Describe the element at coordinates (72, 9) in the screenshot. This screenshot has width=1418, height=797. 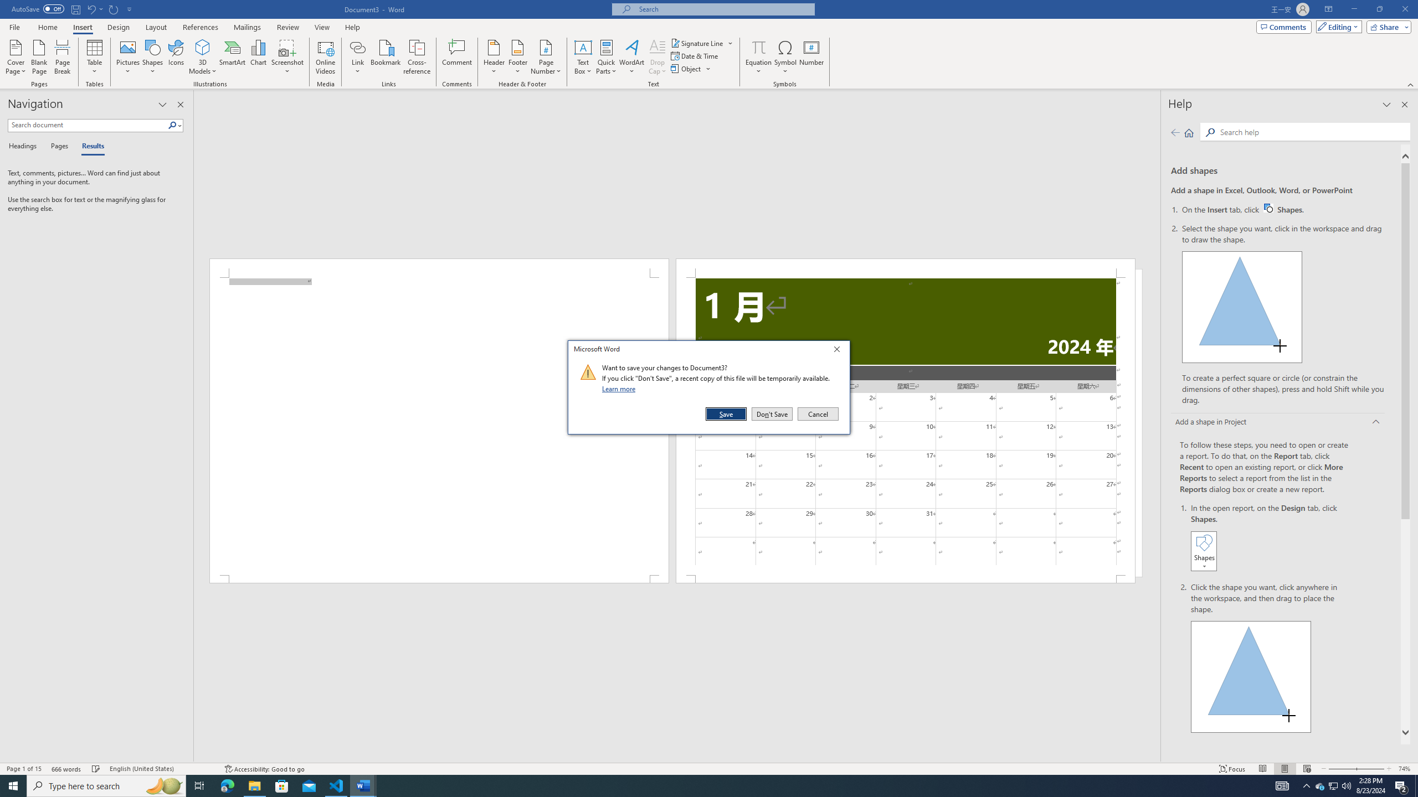
I see `'Quick Access Toolbar'` at that location.